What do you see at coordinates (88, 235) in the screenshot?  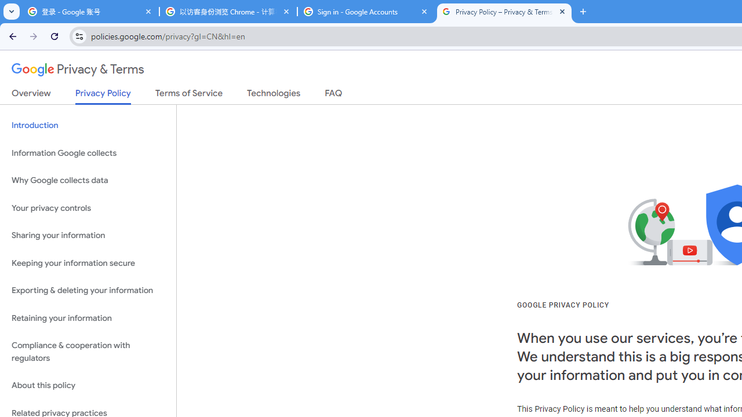 I see `'Sharing your information'` at bounding box center [88, 235].